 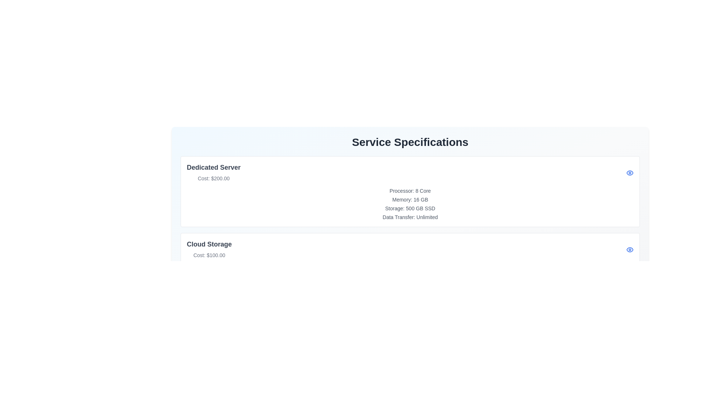 I want to click on the visibility toggle icon button located in the lower right corner of the 'Cloud Storage' card, so click(x=630, y=249).